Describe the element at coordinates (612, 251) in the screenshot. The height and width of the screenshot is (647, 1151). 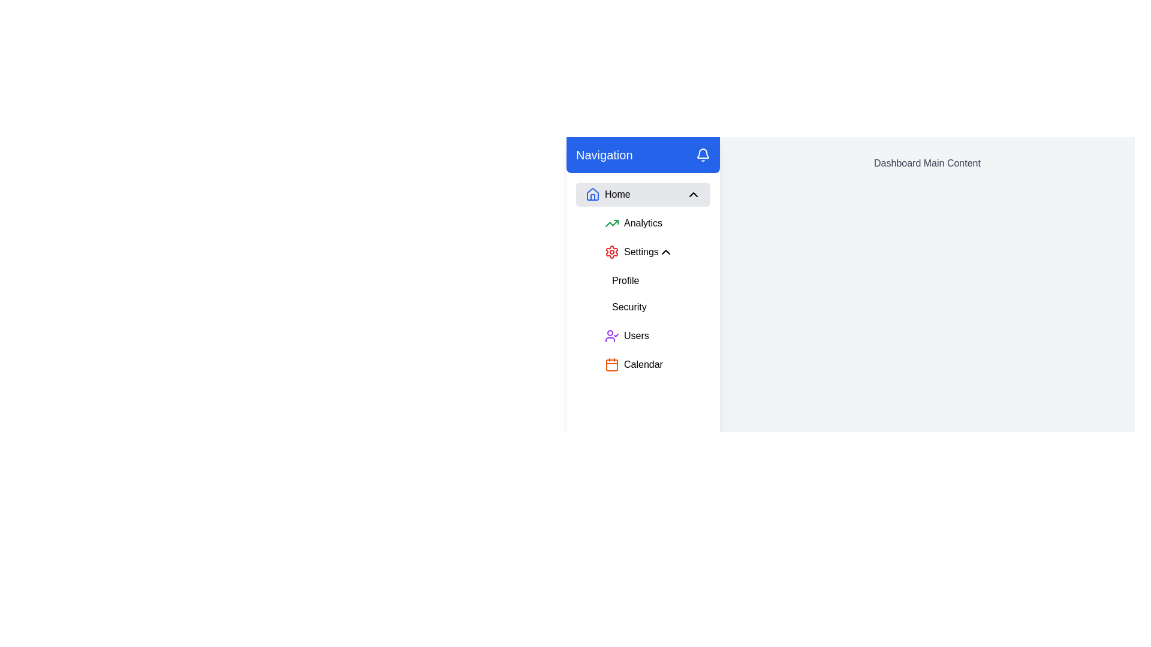
I see `the 'Settings' icon in the navigation sidebar, which visually represents the 'Settings' functionality and is located next to the 'Settings' label` at that location.